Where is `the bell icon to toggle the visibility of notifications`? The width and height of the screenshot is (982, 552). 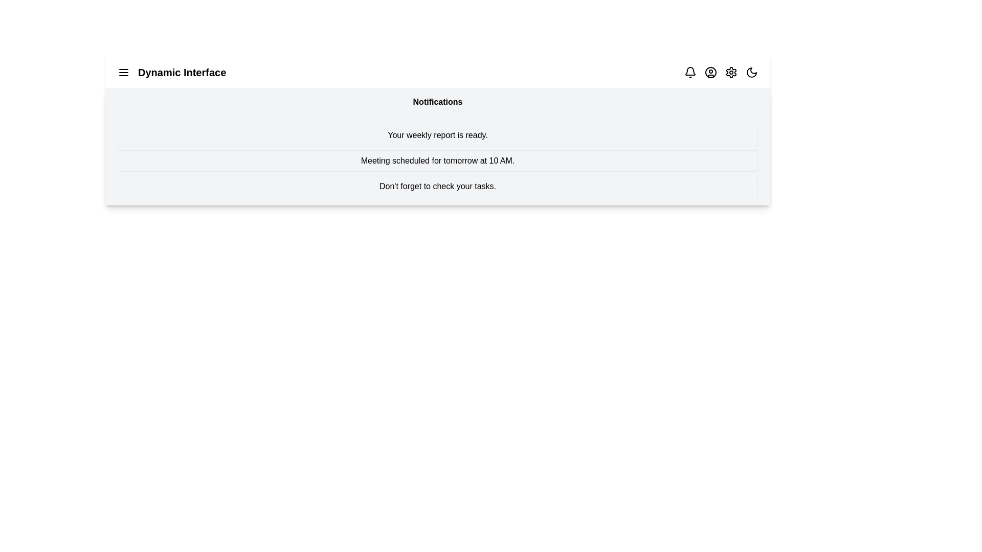 the bell icon to toggle the visibility of notifications is located at coordinates (690, 72).